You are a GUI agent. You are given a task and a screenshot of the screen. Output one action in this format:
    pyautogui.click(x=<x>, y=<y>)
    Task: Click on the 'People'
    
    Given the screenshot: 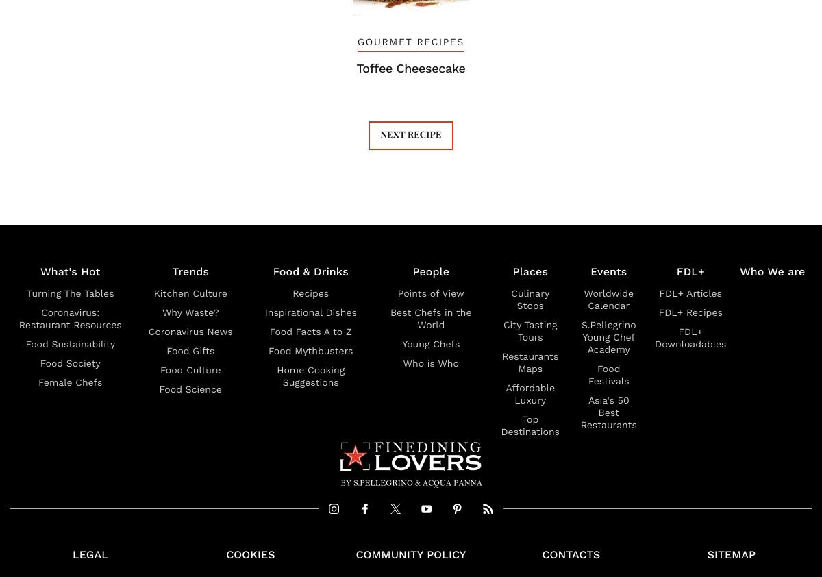 What is the action you would take?
    pyautogui.click(x=412, y=271)
    